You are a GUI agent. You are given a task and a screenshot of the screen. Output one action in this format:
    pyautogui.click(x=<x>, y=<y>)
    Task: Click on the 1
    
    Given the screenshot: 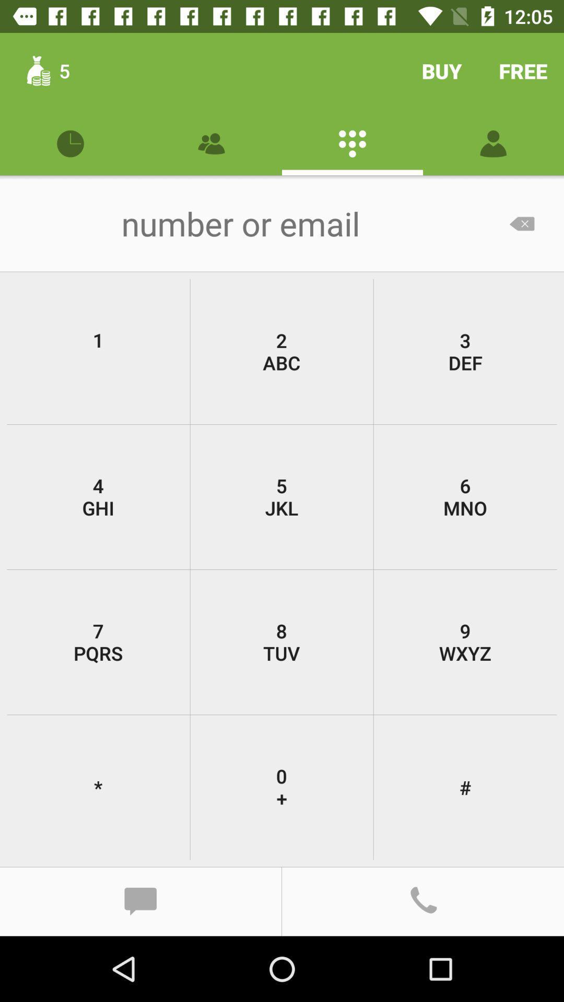 What is the action you would take?
    pyautogui.click(x=98, y=351)
    